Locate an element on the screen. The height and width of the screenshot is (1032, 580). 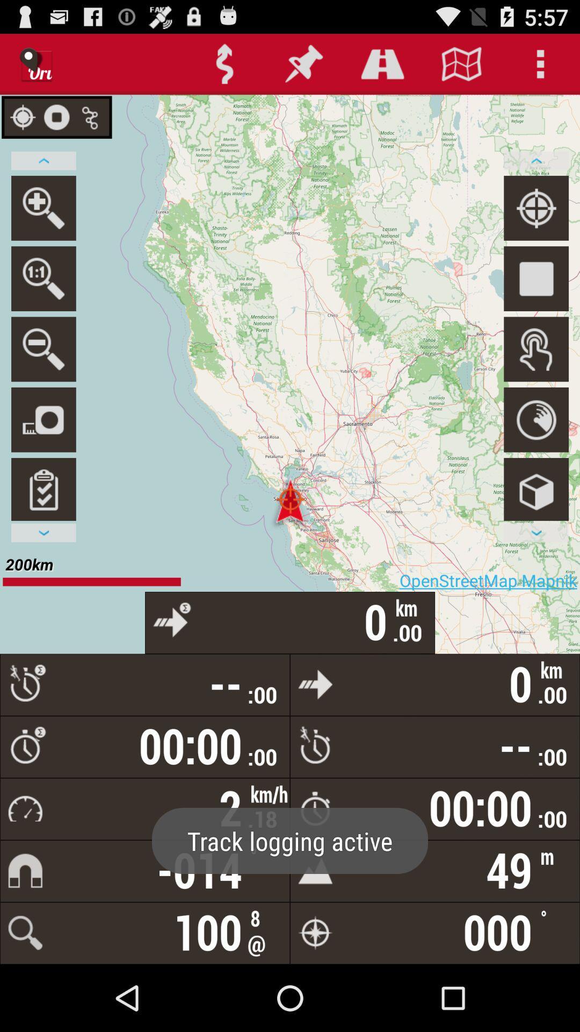
the location_crosshair icon is located at coordinates (536, 222).